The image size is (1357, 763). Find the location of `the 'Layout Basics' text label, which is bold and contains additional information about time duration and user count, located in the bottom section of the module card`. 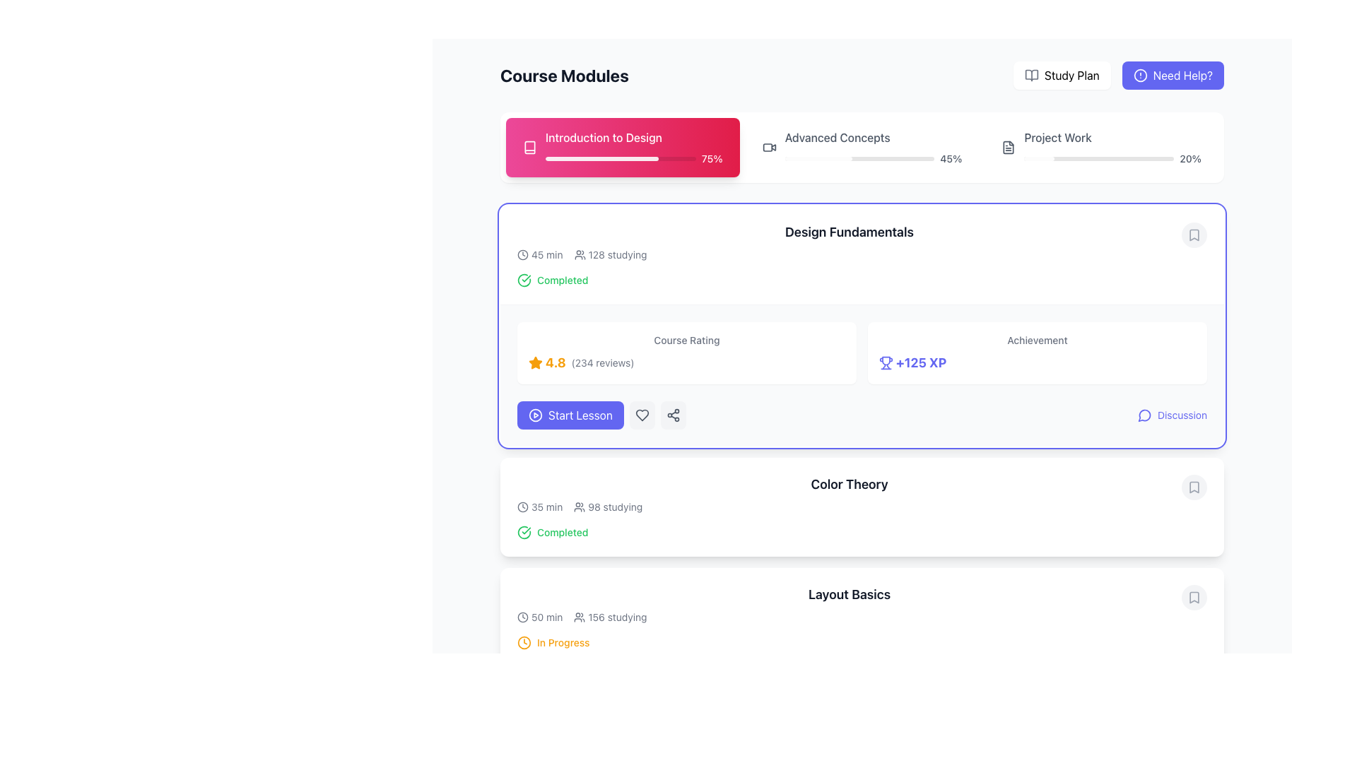

the 'Layout Basics' text label, which is bold and contains additional information about time duration and user count, located in the bottom section of the module card is located at coordinates (861, 604).